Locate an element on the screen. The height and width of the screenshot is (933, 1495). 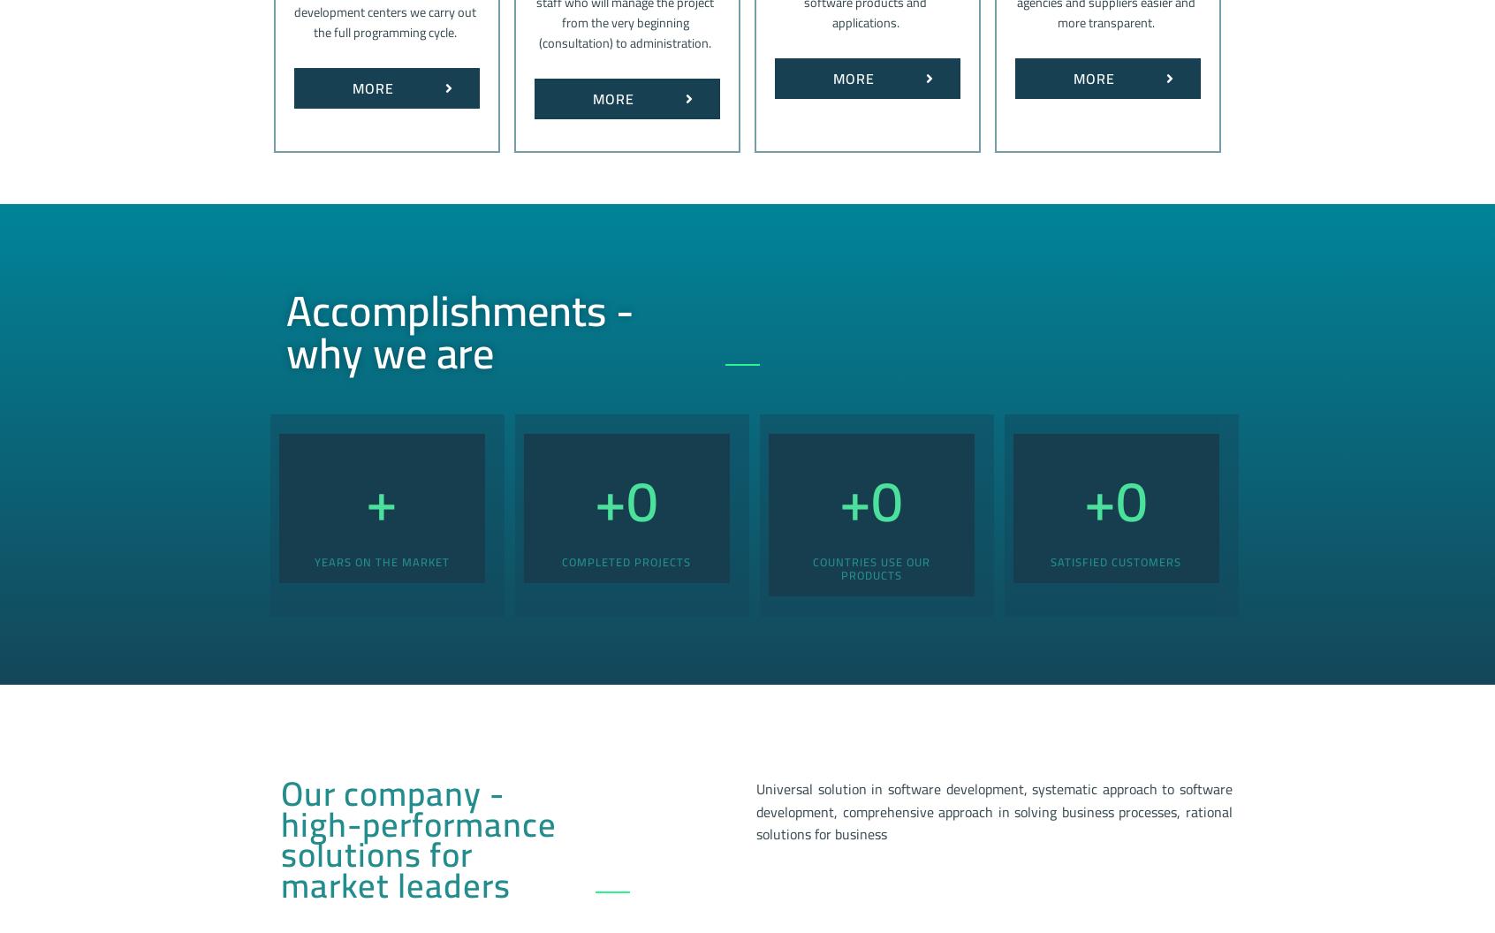
'years on the market' is located at coordinates (380, 559).